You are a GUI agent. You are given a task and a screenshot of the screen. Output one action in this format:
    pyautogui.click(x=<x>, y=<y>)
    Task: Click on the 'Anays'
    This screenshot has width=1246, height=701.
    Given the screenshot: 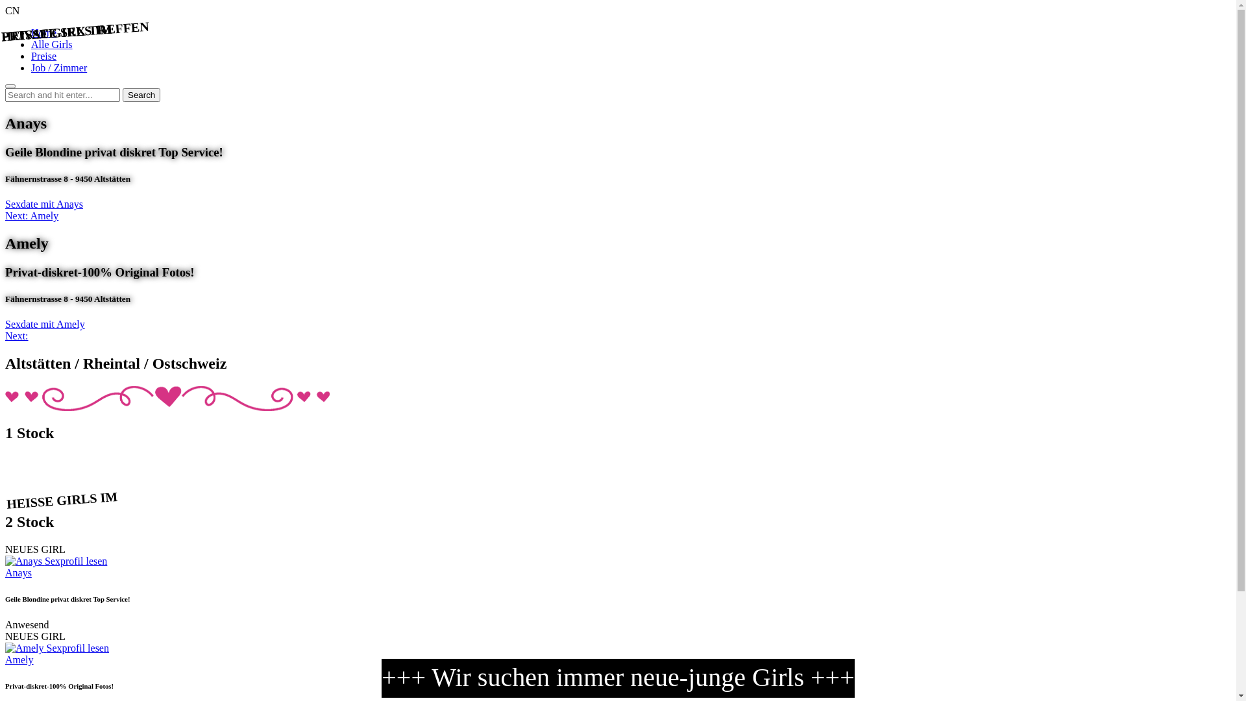 What is the action you would take?
    pyautogui.click(x=18, y=572)
    